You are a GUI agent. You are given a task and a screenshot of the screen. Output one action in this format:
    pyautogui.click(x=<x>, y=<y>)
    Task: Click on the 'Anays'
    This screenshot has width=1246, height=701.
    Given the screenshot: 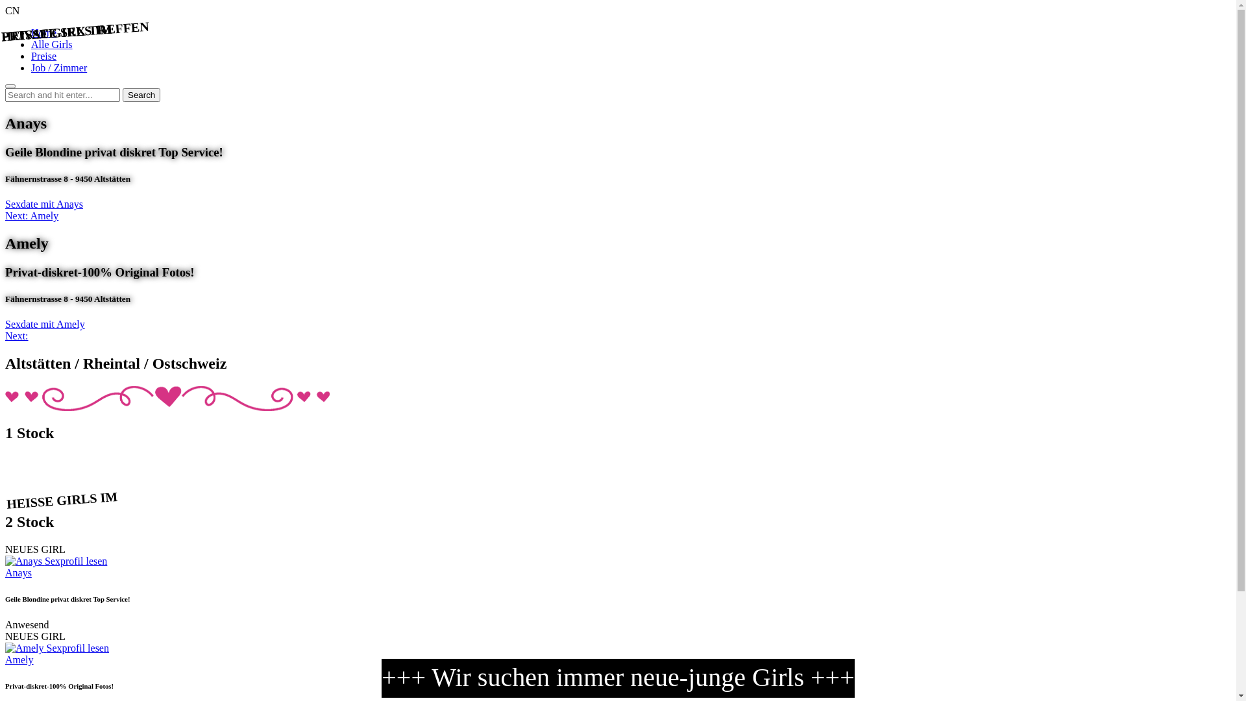 What is the action you would take?
    pyautogui.click(x=18, y=572)
    